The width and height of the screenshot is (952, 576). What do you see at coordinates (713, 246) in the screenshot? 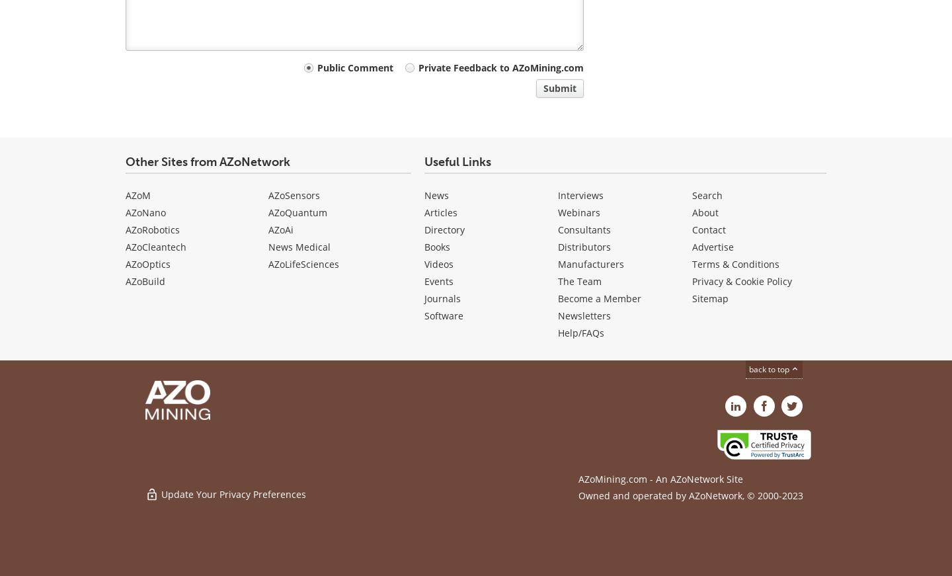
I see `'Advertise'` at bounding box center [713, 246].